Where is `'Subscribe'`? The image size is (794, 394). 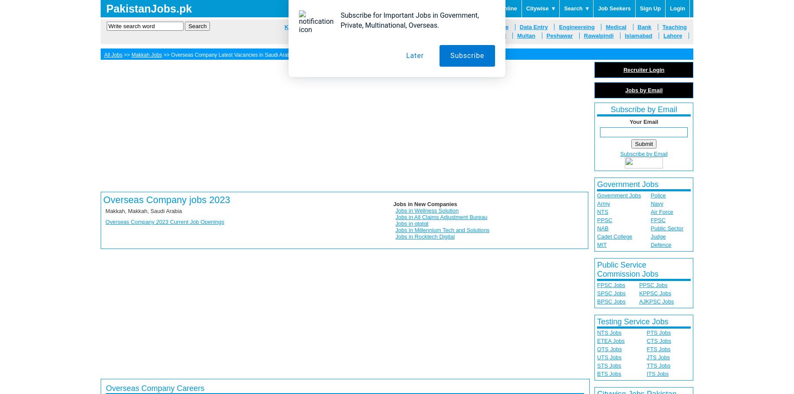
'Subscribe' is located at coordinates (467, 55).